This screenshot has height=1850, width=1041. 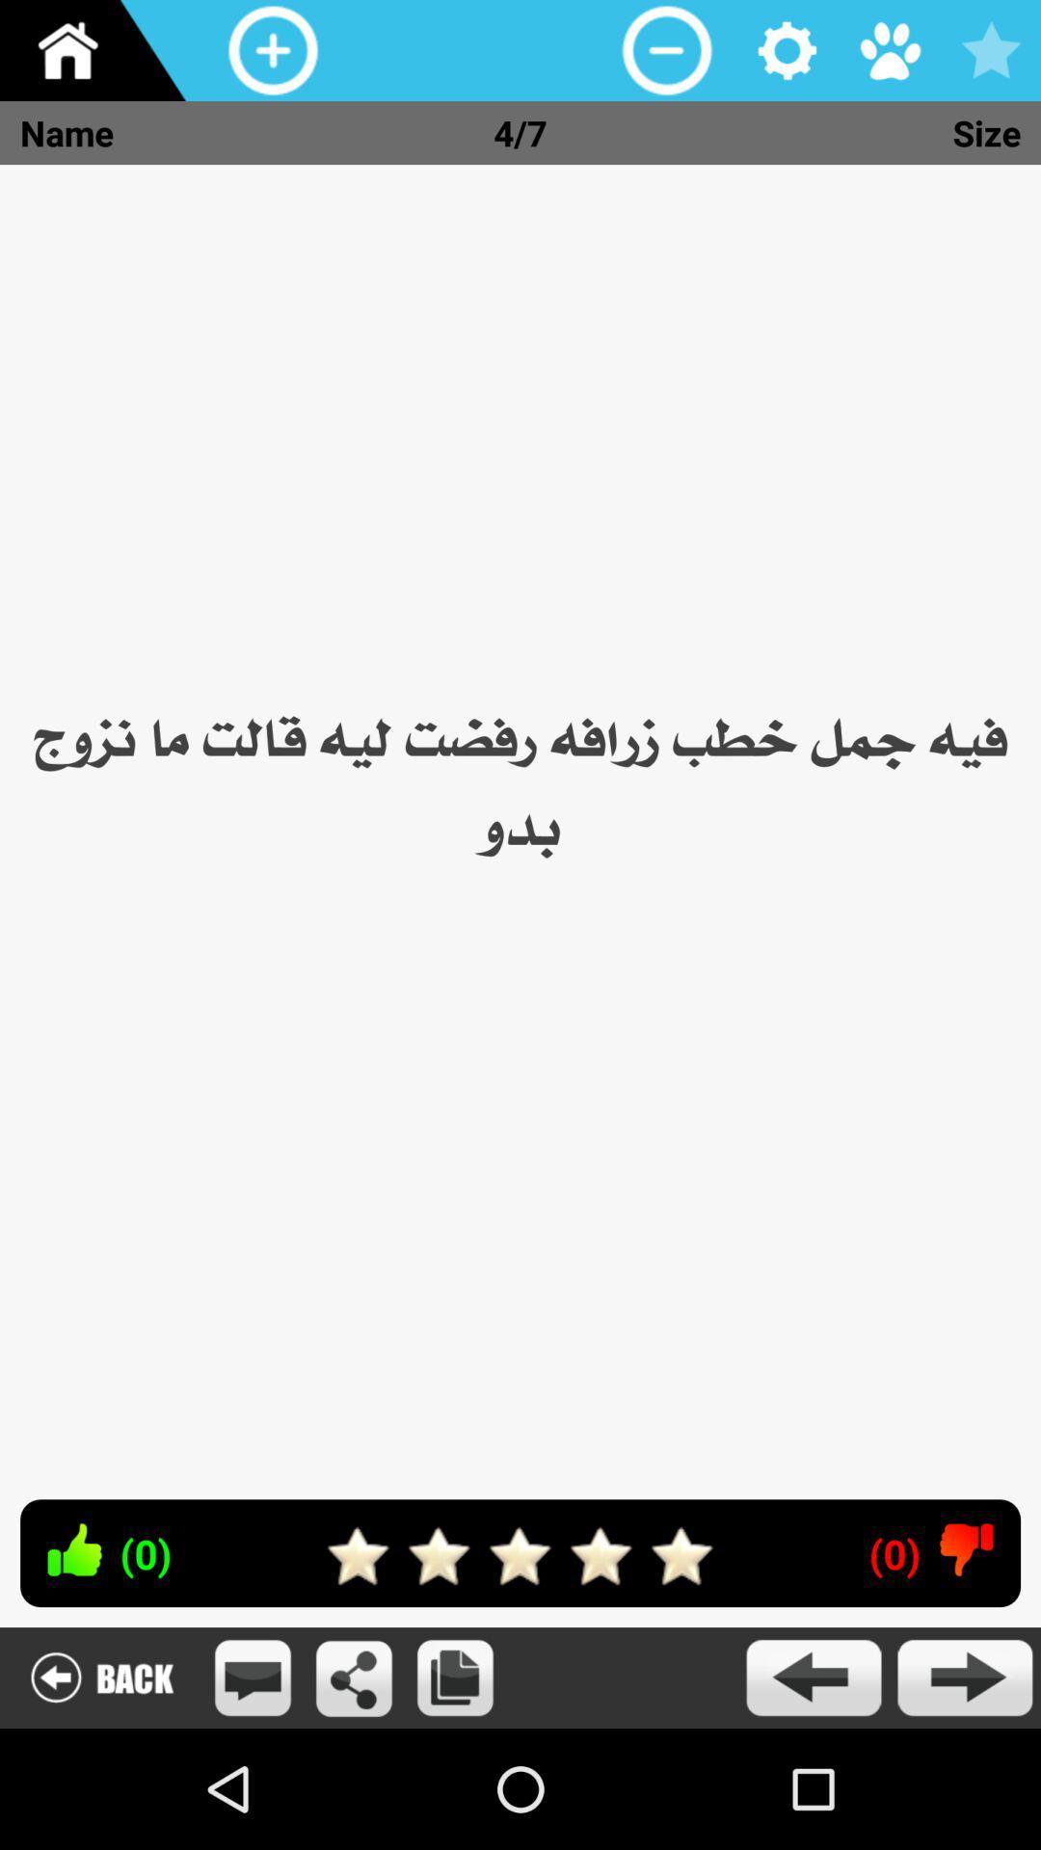 I want to click on go back, so click(x=813, y=1677).